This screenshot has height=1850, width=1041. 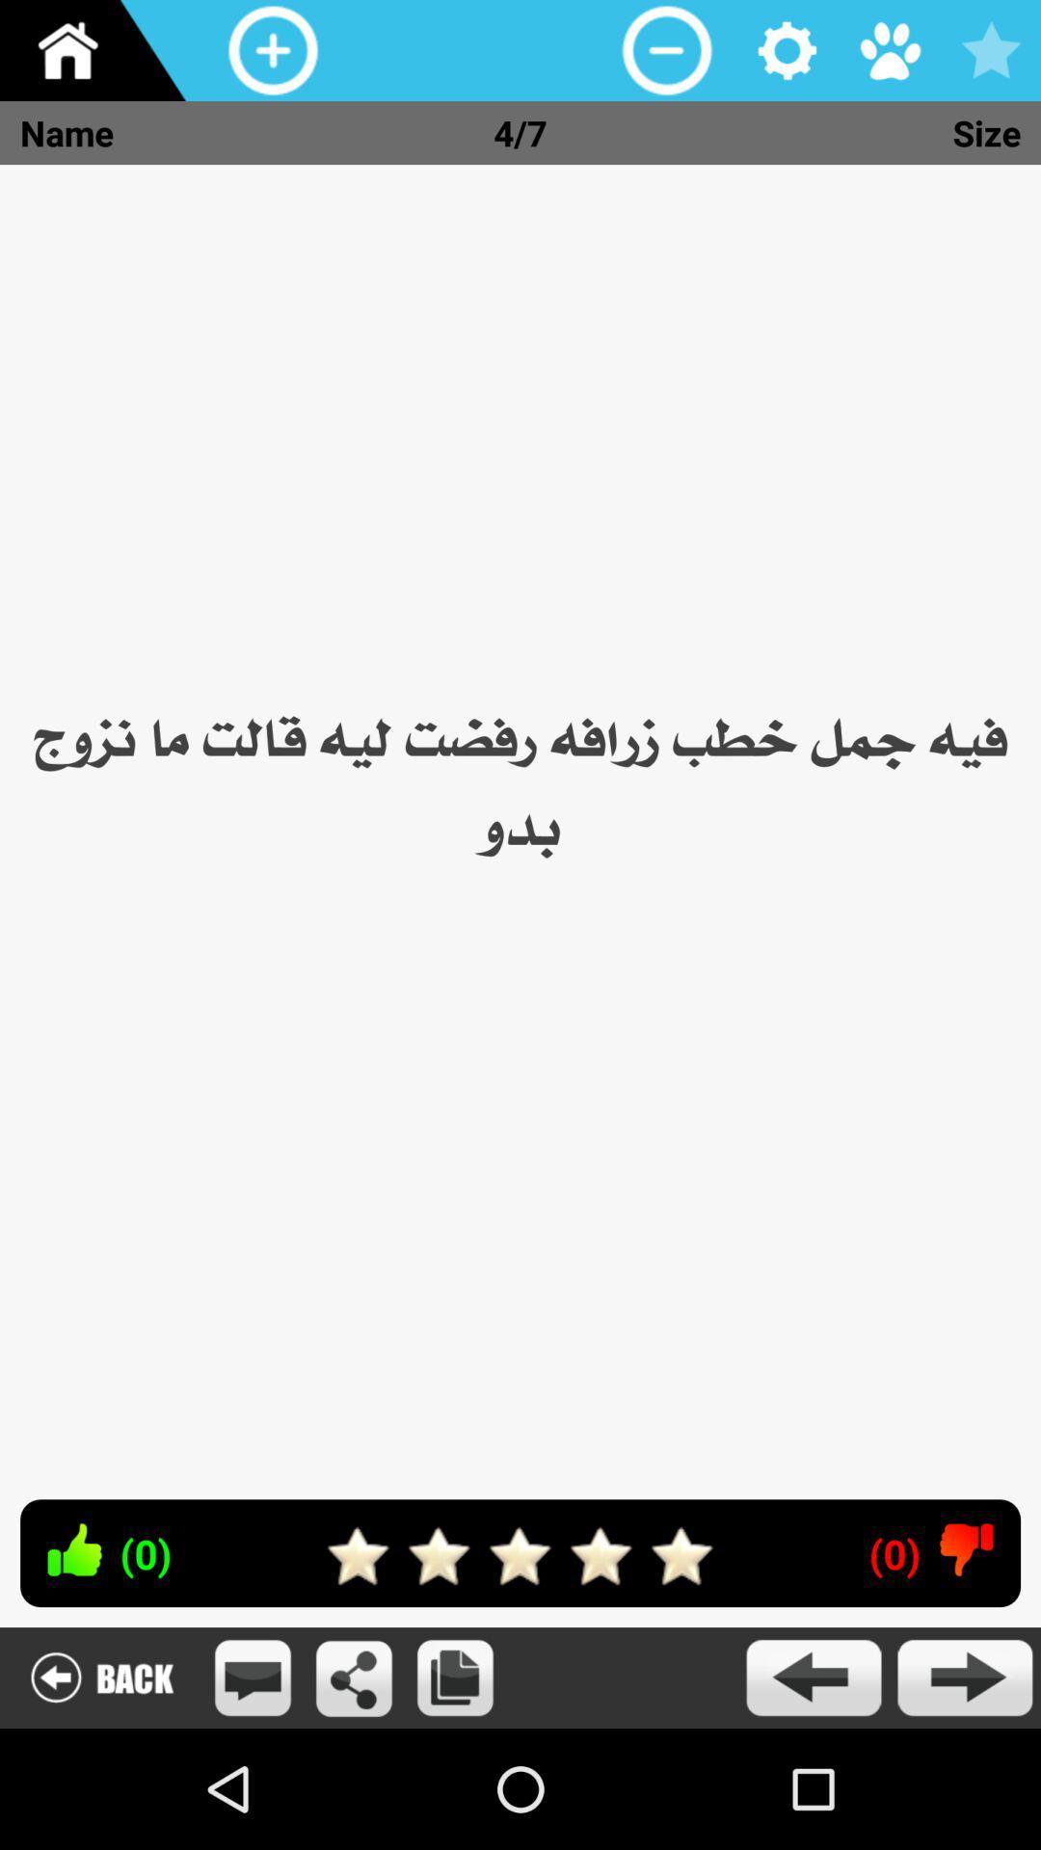 I want to click on go back, so click(x=813, y=1677).